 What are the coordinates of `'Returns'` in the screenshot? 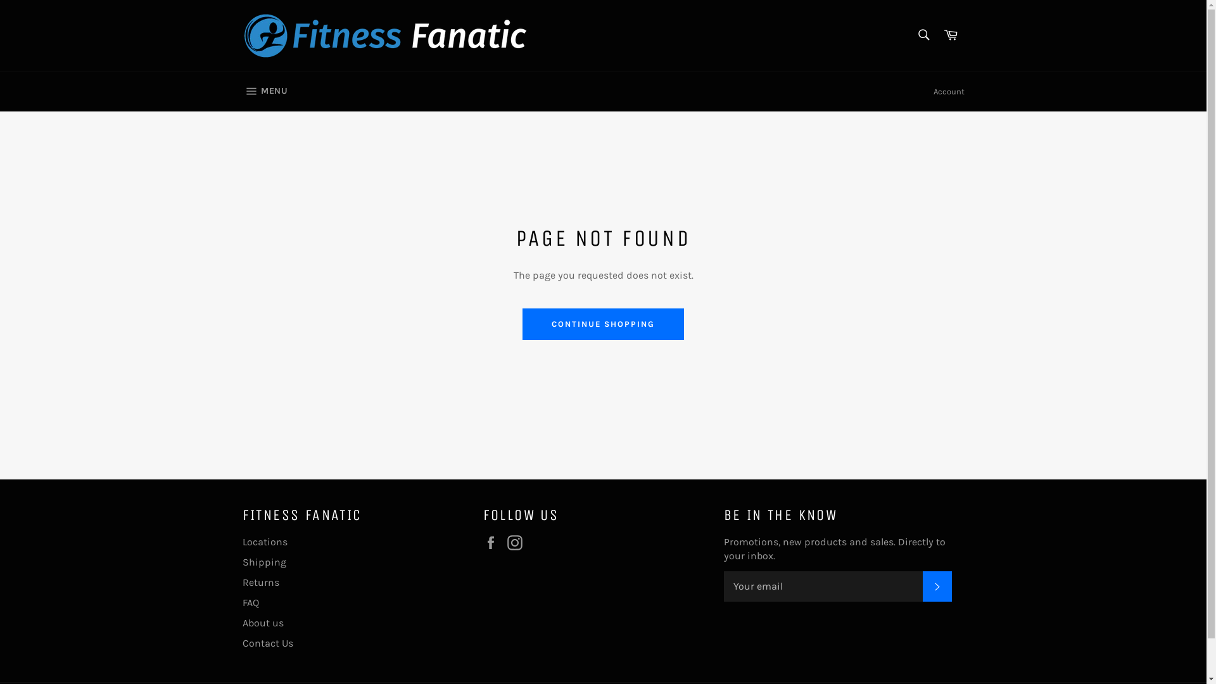 It's located at (260, 582).